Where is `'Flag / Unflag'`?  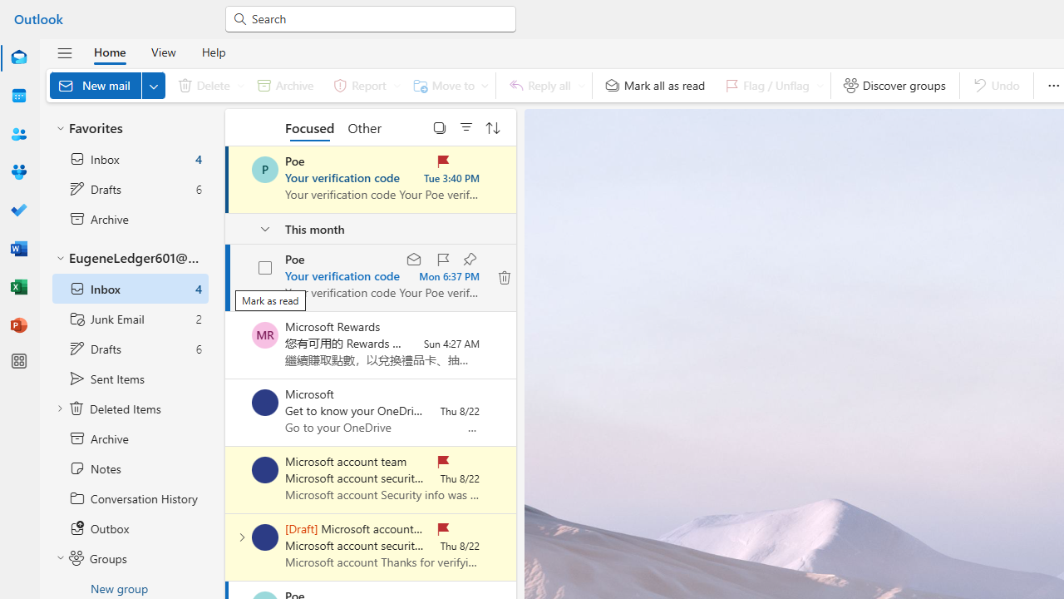 'Flag / Unflag' is located at coordinates (770, 85).